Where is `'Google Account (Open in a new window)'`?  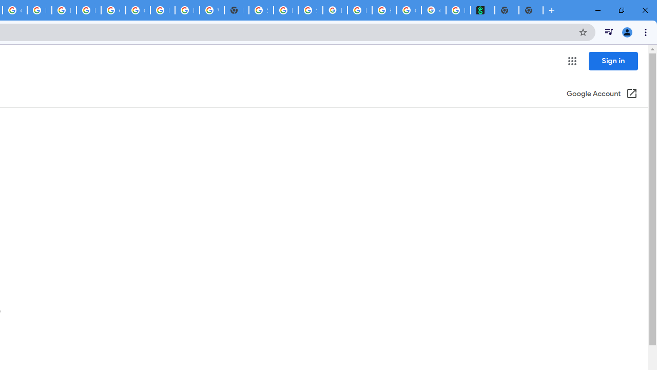 'Google Account (Open in a new window)' is located at coordinates (602, 94).